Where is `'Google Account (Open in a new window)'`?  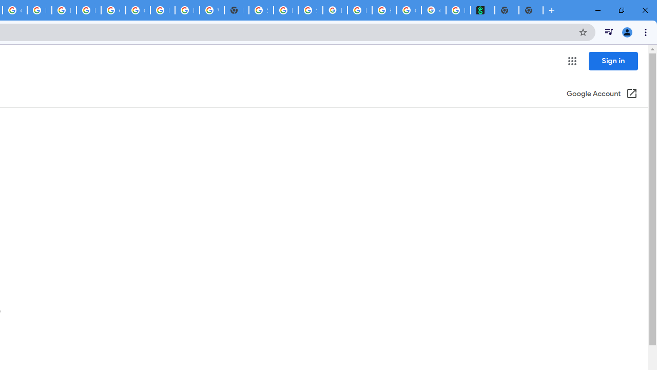 'Google Account (Open in a new window)' is located at coordinates (602, 94).